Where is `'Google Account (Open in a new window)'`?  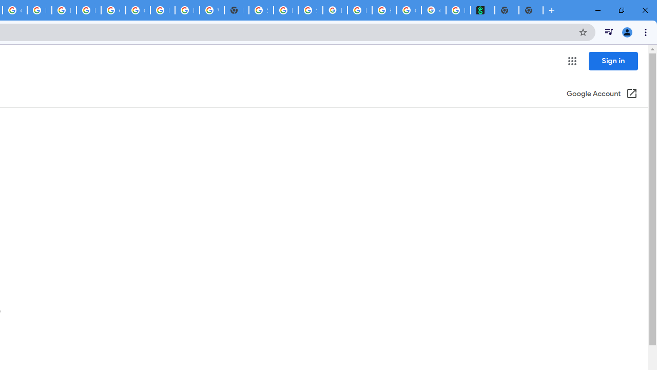 'Google Account (Open in a new window)' is located at coordinates (602, 94).